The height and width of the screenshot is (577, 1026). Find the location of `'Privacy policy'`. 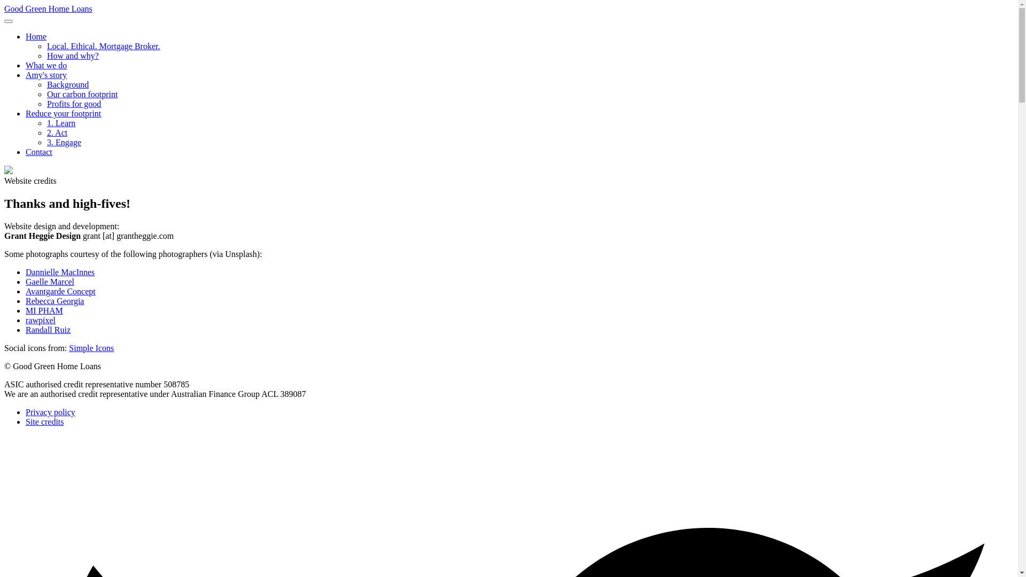

'Privacy policy' is located at coordinates (26, 411).